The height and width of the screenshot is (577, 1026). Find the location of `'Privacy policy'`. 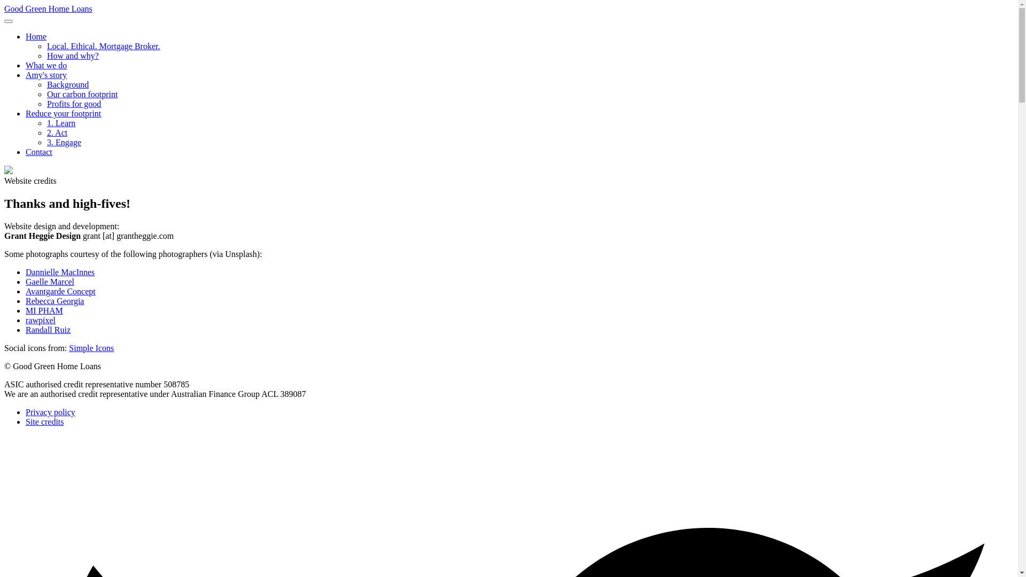

'Privacy policy' is located at coordinates (26, 411).